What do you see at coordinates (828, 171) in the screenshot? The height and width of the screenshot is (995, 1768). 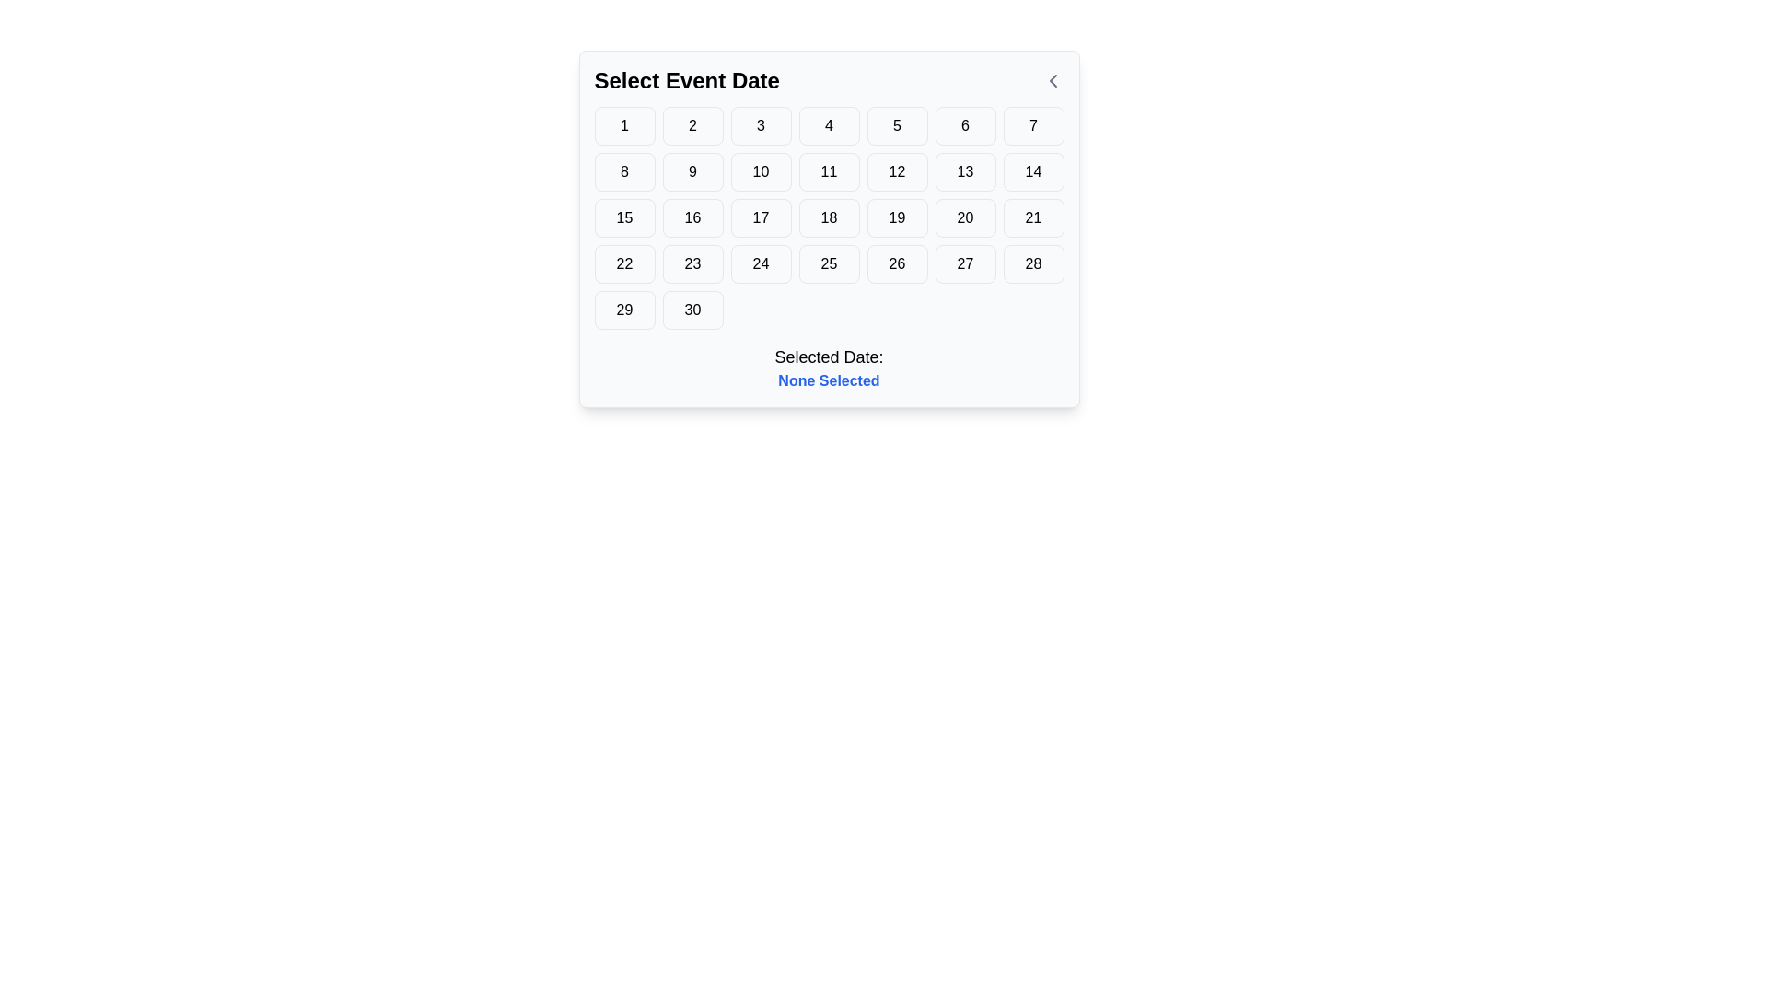 I see `the button labeled '11' in the date selection interface` at bounding box center [828, 171].